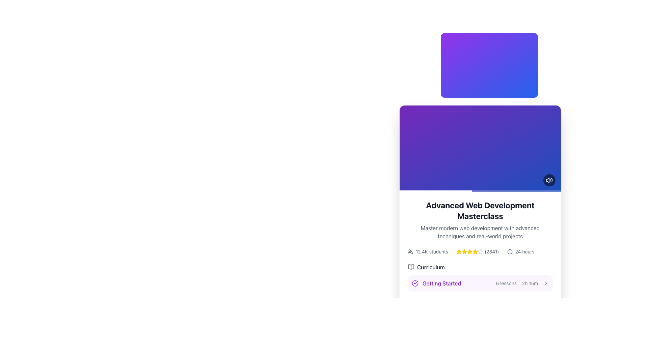  Describe the element at coordinates (520, 252) in the screenshot. I see `the textual label with a visual icon that displays the duration or total time associated with the course, located at the bottom right of the card layout` at that location.